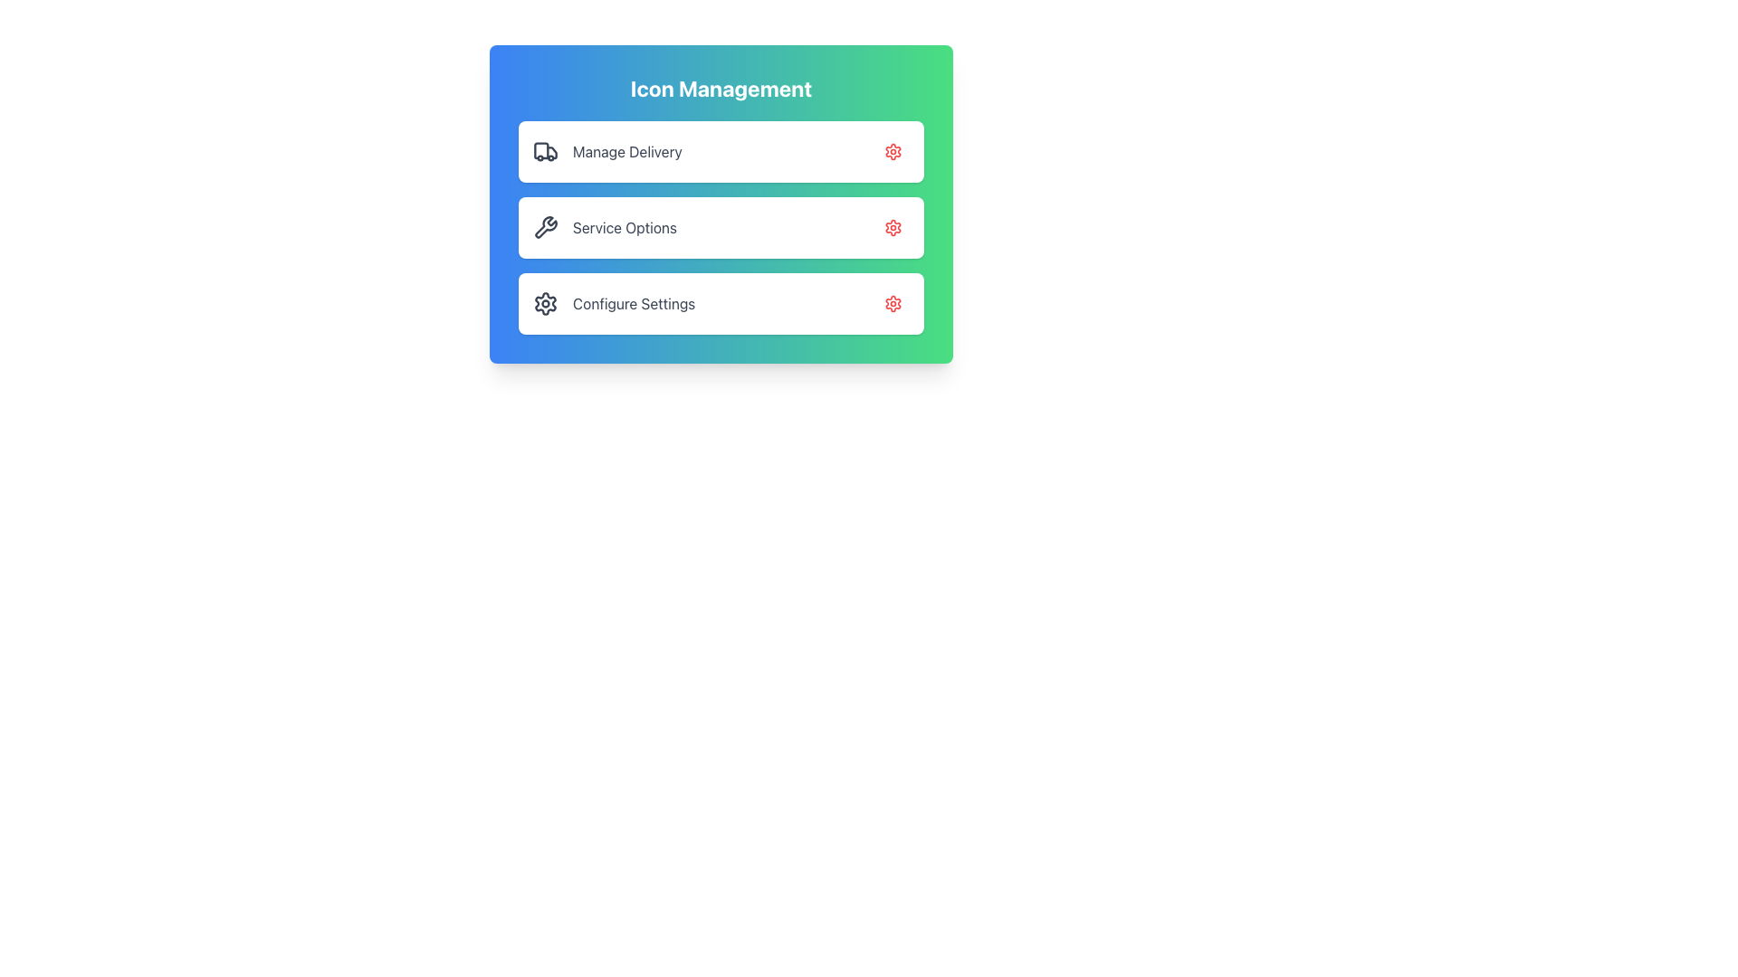 The height and width of the screenshot is (977, 1738). I want to click on the circular red gear icon button located in the 'Service Options' section, so click(893, 226).